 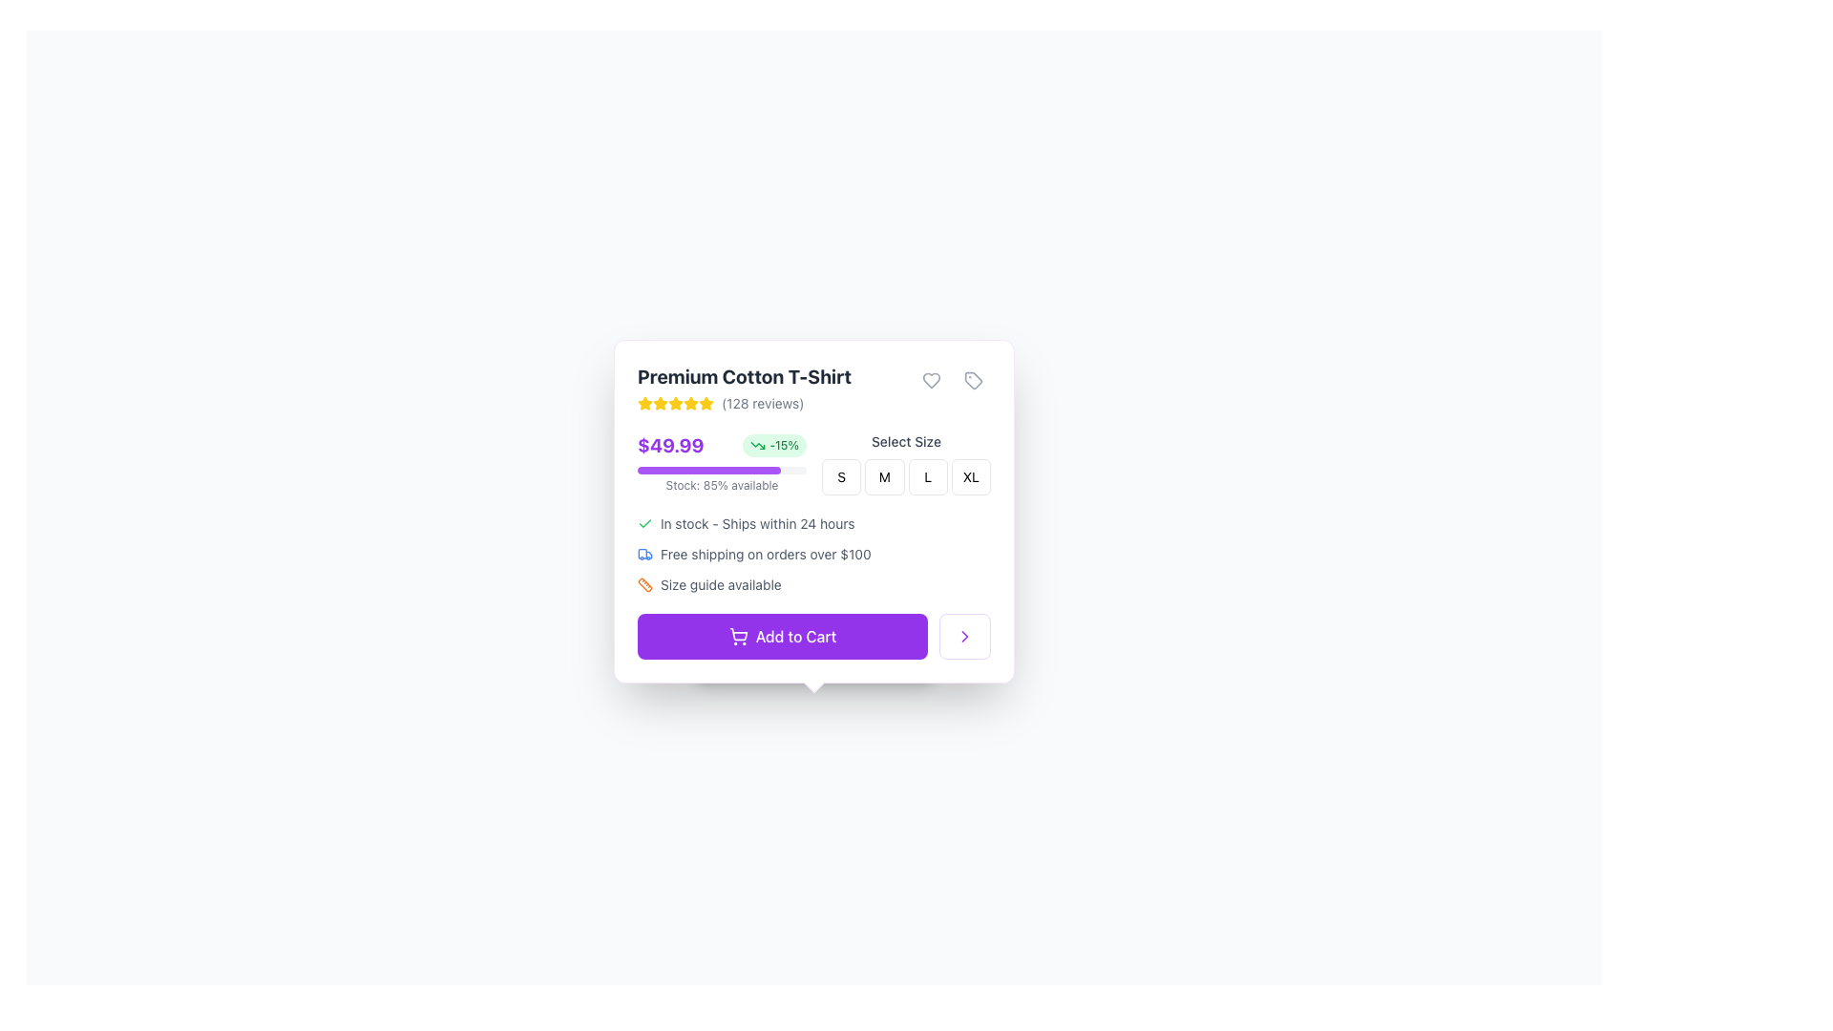 What do you see at coordinates (784, 445) in the screenshot?
I see `the text label indicating the discount or percentage reduction, which is located adjacent to the price display and slightly to the right of a trending-down icon` at bounding box center [784, 445].